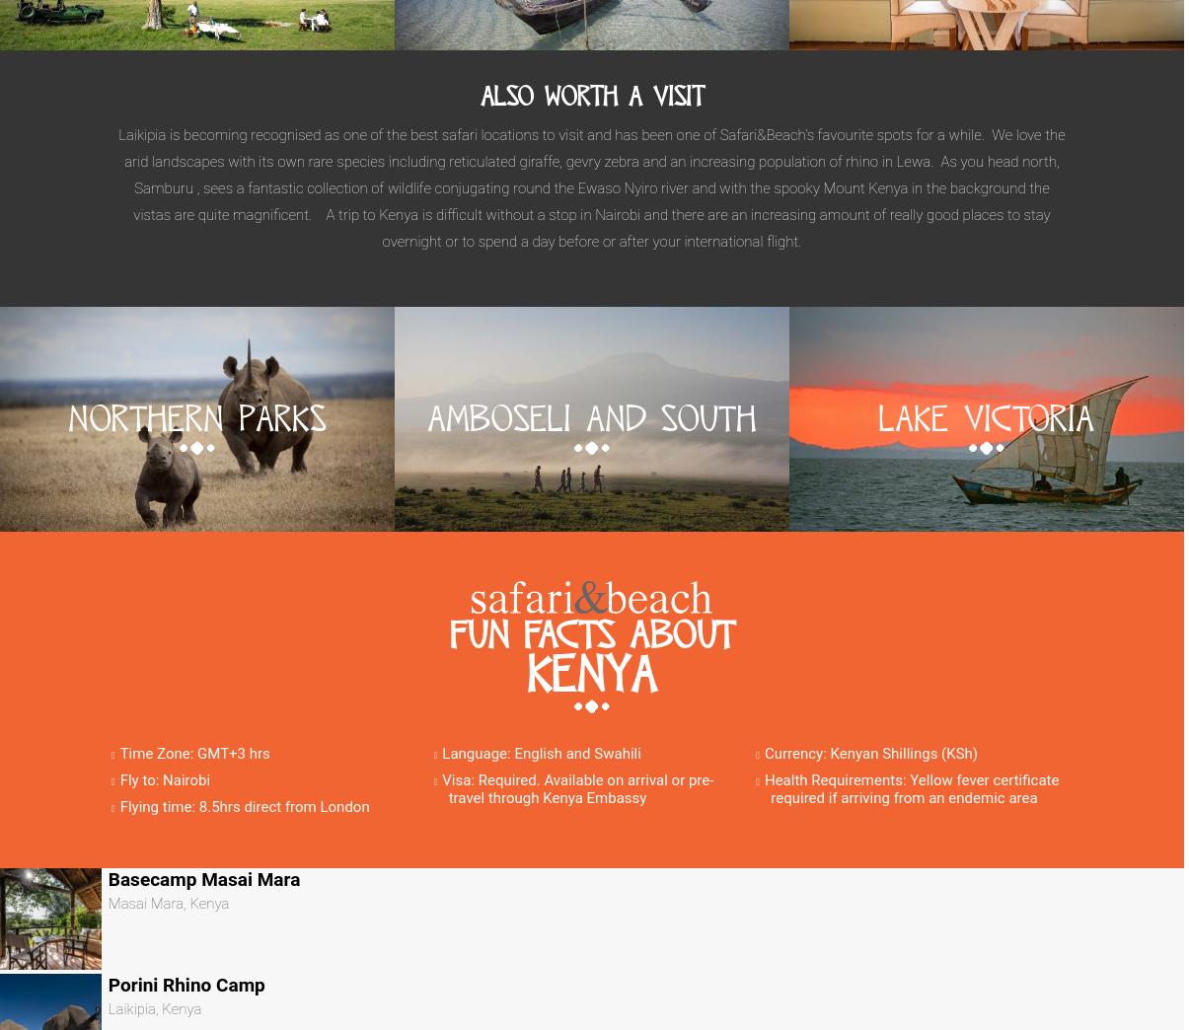  What do you see at coordinates (164, 777) in the screenshot?
I see `'Fly to: Nairobi'` at bounding box center [164, 777].